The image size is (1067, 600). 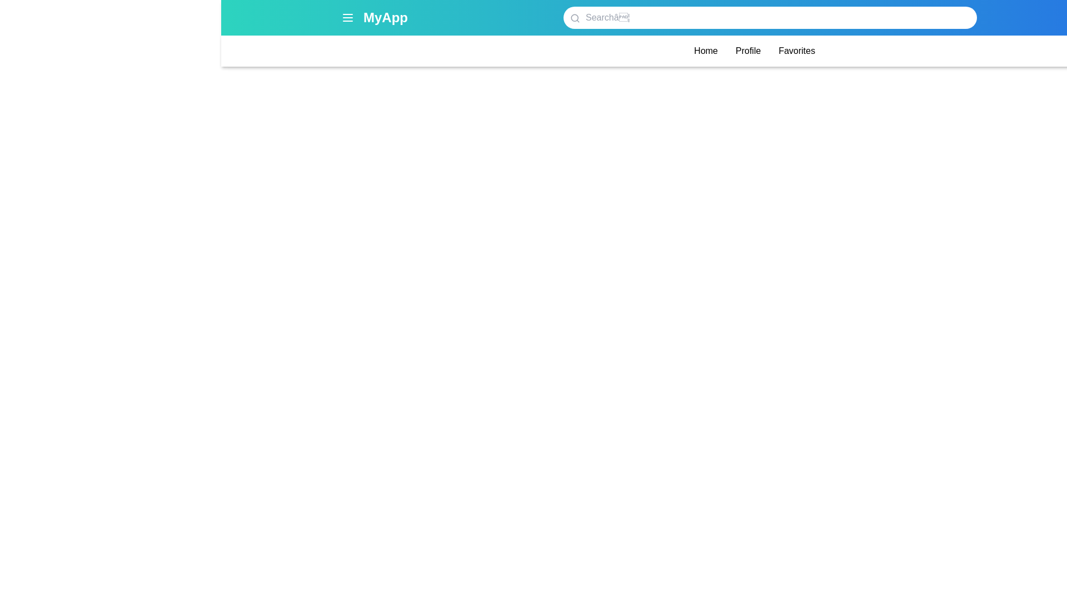 What do you see at coordinates (347, 17) in the screenshot?
I see `menu icon to toggle the menu visibility` at bounding box center [347, 17].